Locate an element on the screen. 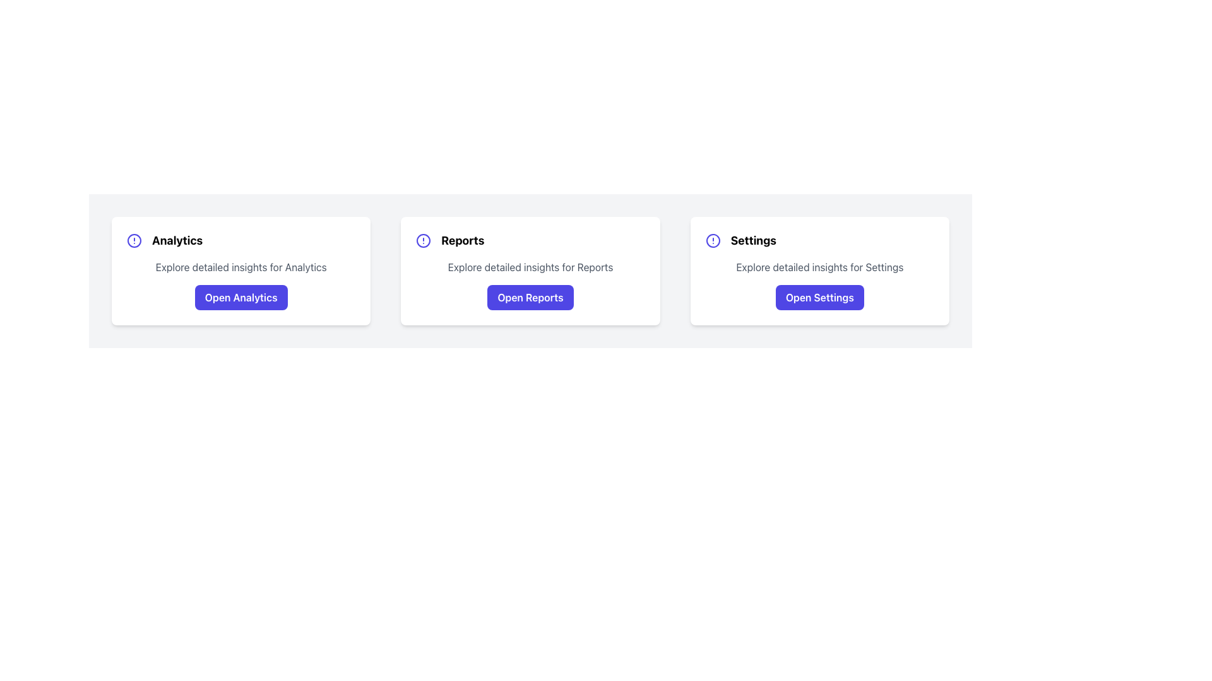 The height and width of the screenshot is (681, 1212). the button located centrally within the 'Settings' card at the bottom is located at coordinates (819, 297).